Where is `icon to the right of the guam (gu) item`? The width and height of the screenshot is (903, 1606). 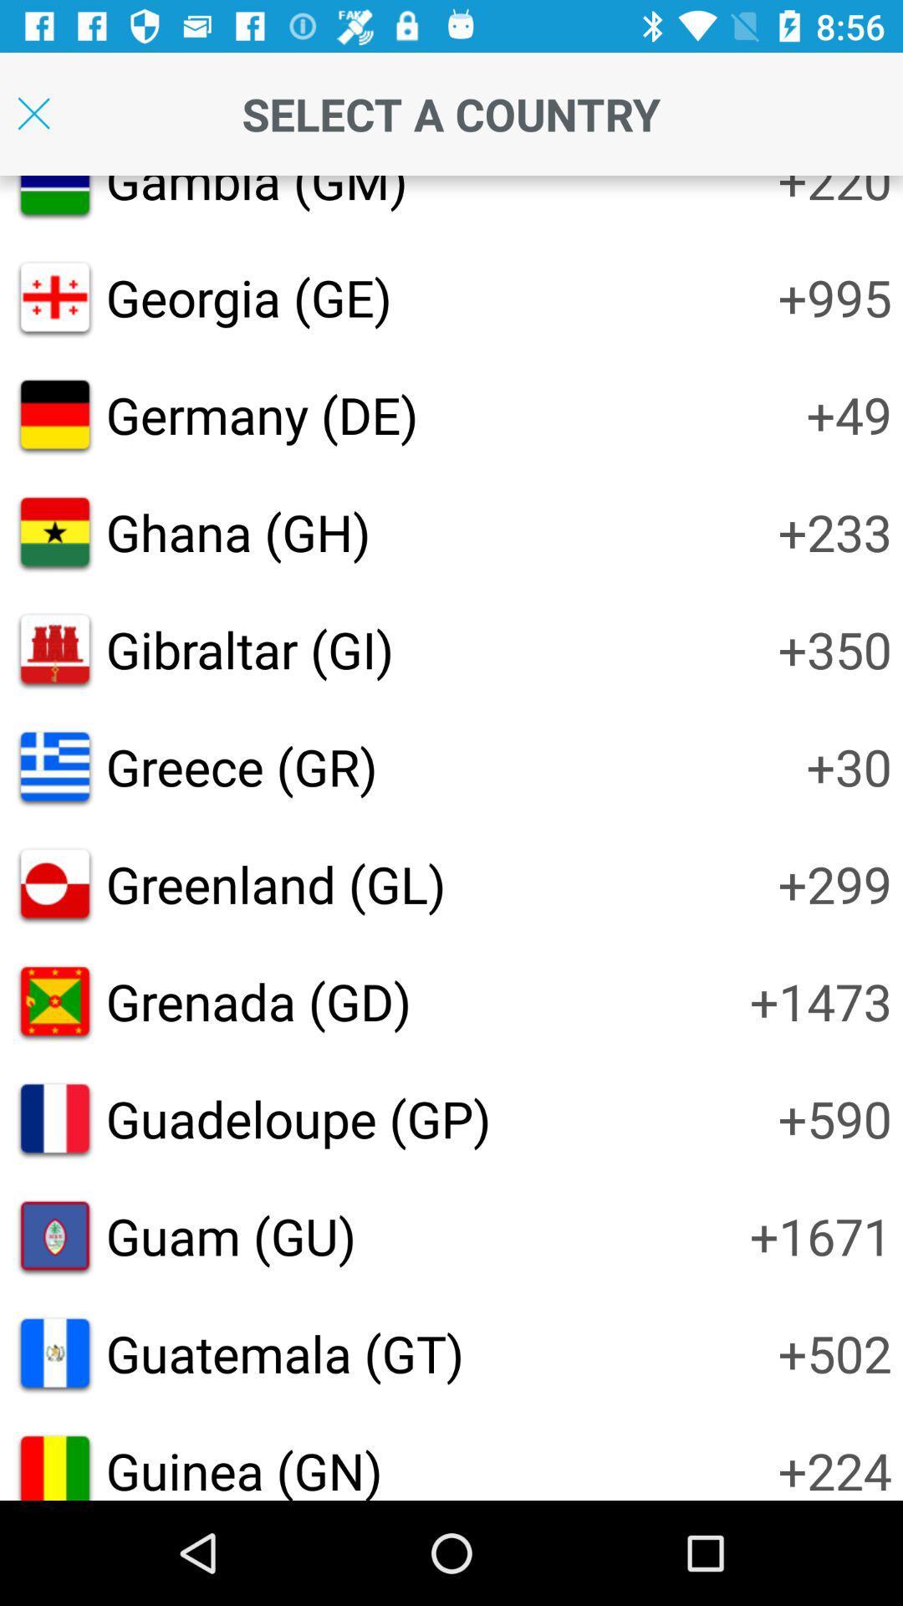
icon to the right of the guam (gu) item is located at coordinates (819, 1235).